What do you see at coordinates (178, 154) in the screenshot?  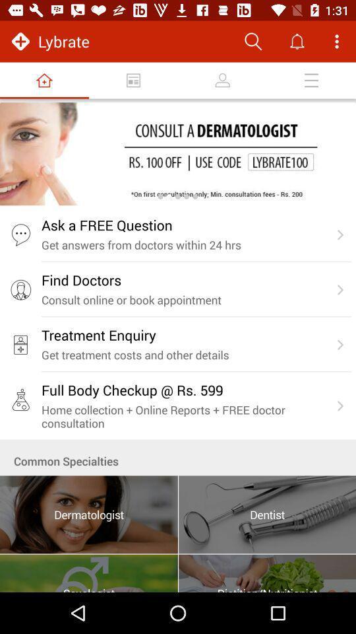 I see `visit the advertiser 's website` at bounding box center [178, 154].